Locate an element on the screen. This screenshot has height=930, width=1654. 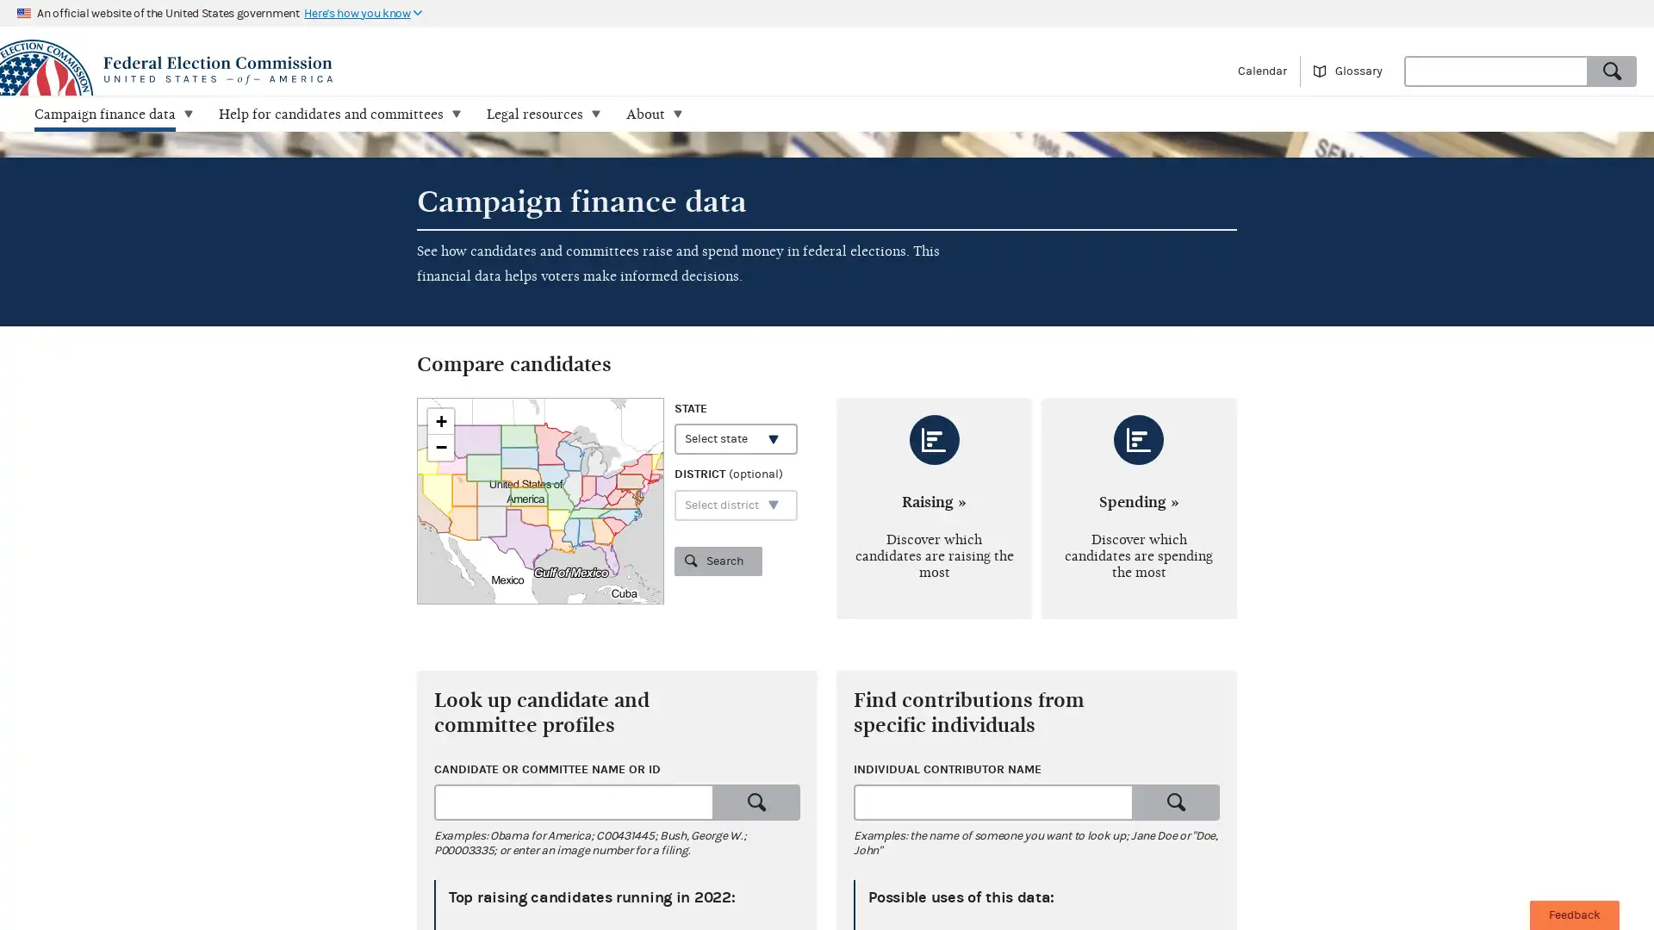
Search is located at coordinates (718, 561).